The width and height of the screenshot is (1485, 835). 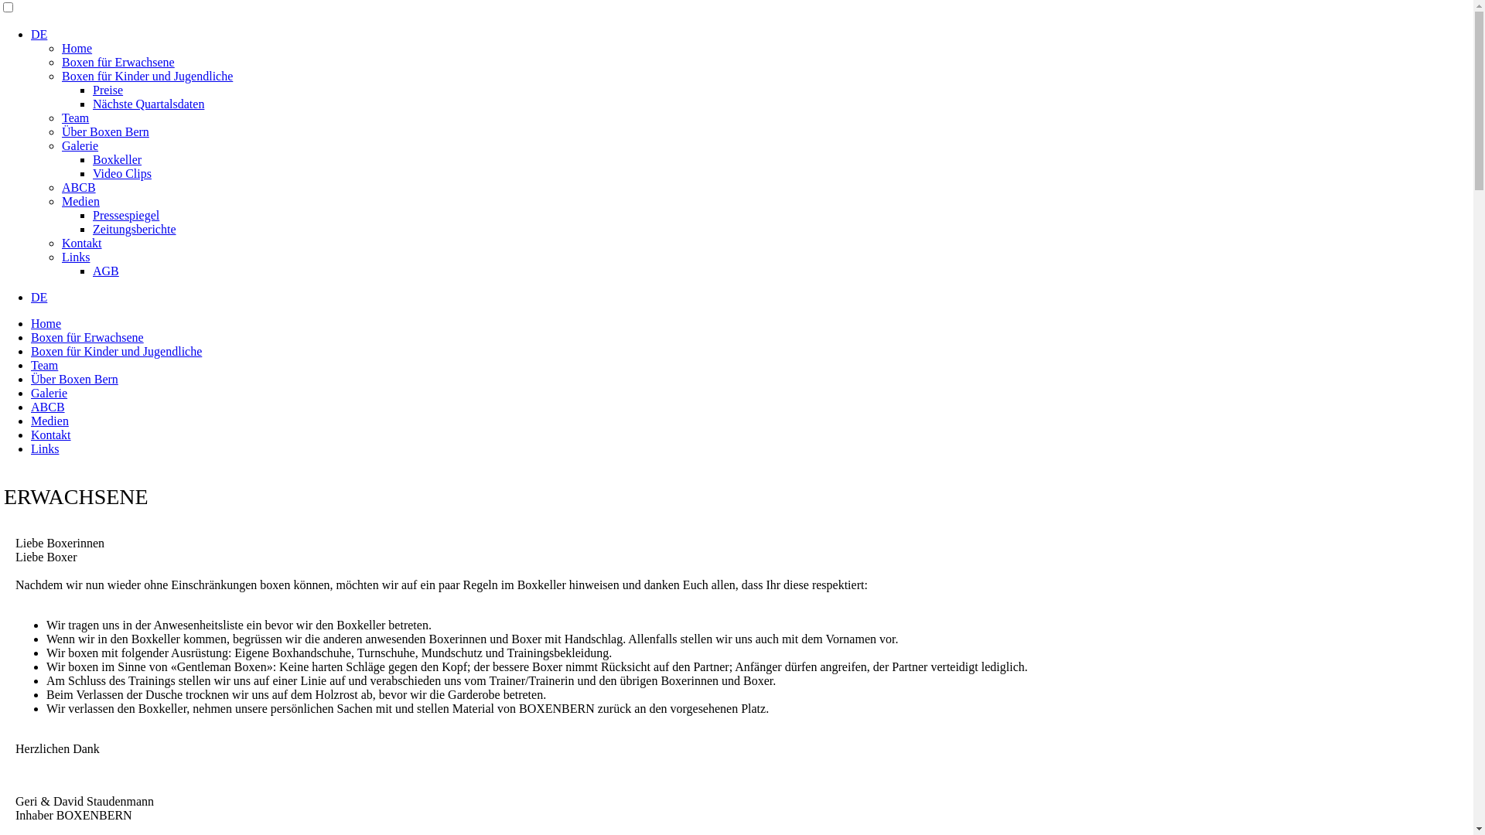 What do you see at coordinates (105, 270) in the screenshot?
I see `'AGB'` at bounding box center [105, 270].